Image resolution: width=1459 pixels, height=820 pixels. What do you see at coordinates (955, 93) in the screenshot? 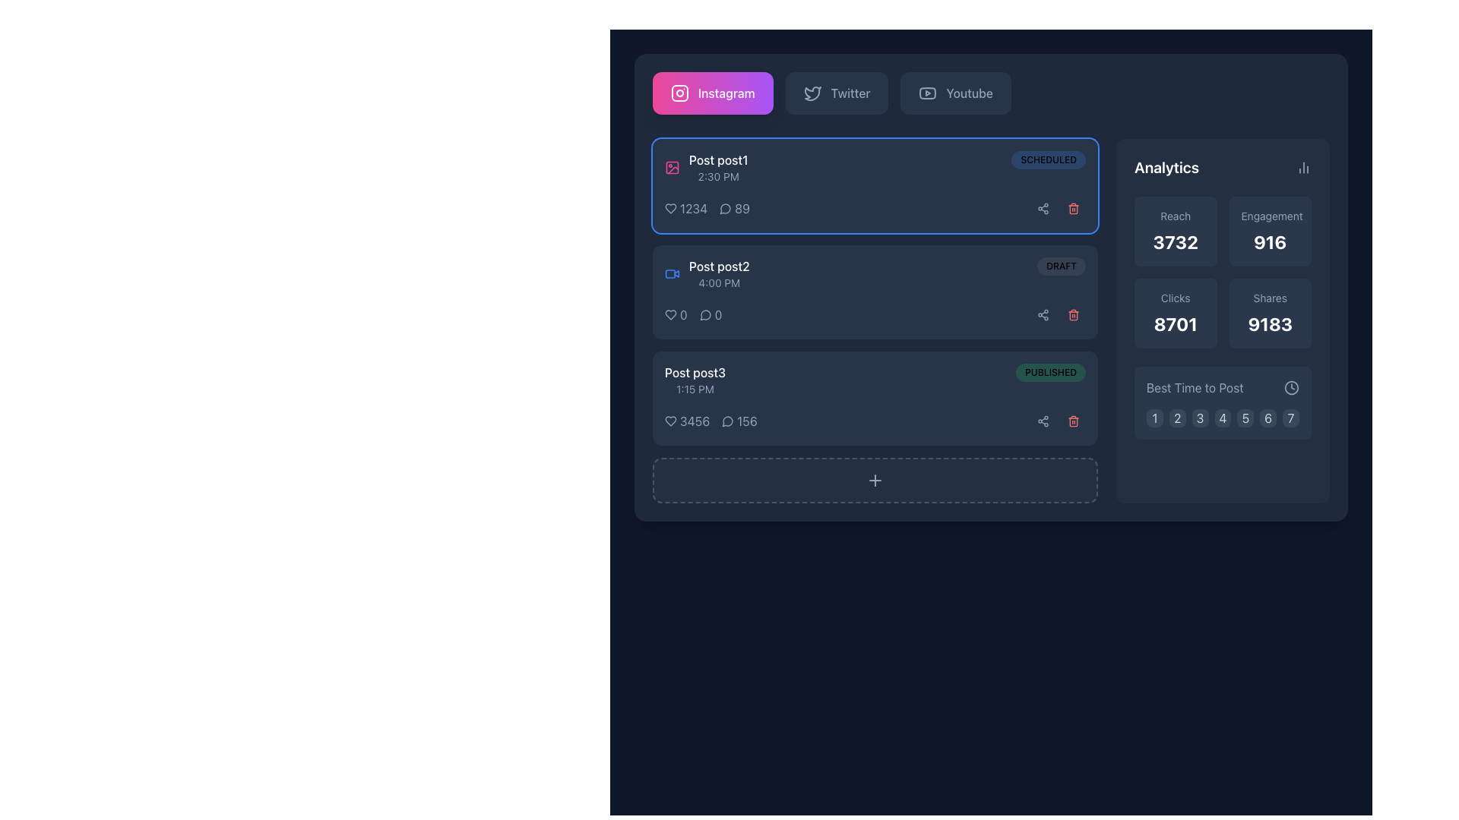
I see `the third button in the horizontal row of social media buttons at the top of the content section` at bounding box center [955, 93].